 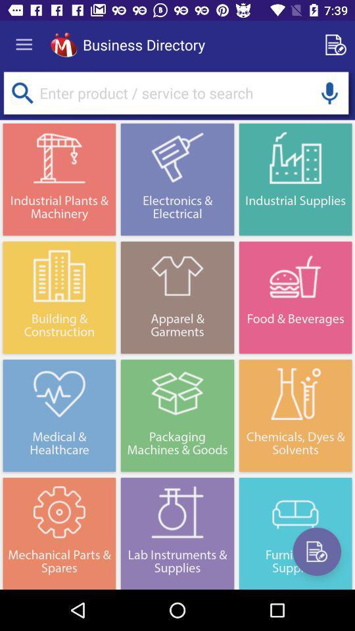 I want to click on new advertisement, so click(x=338, y=45).